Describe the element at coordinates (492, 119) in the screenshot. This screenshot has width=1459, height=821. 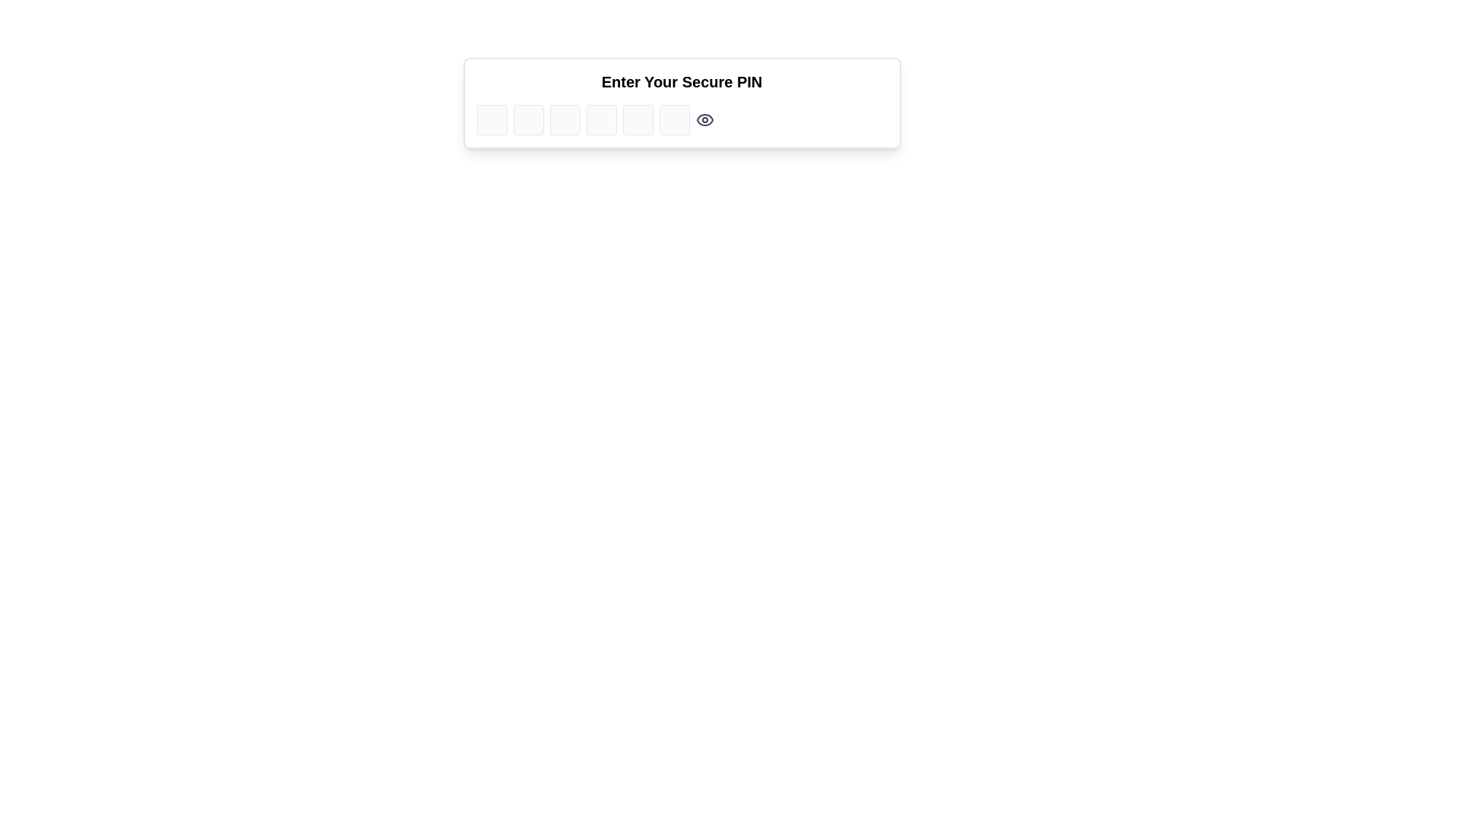
I see `the Password input field located at the extreme left of a series of similar boxes under the title 'Enter Your Secure PIN' to focus on it` at that location.